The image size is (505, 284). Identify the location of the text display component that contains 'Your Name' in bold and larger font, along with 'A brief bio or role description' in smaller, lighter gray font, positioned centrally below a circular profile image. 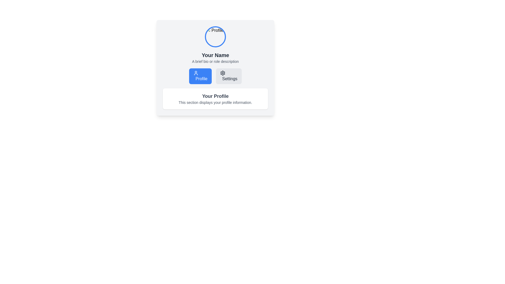
(215, 58).